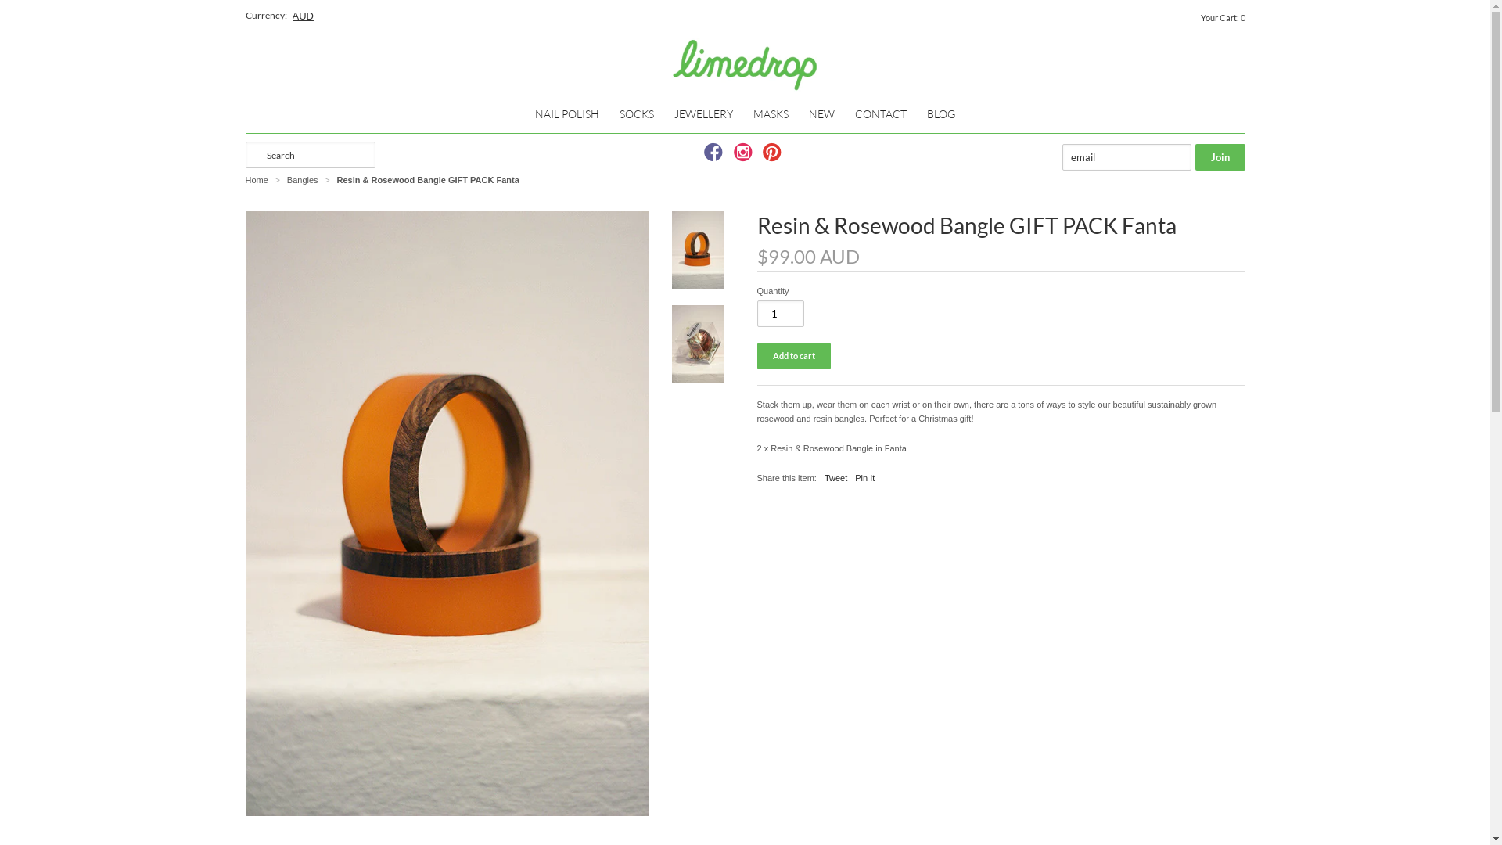 This screenshot has height=845, width=1502. What do you see at coordinates (664, 113) in the screenshot?
I see `'JEWELLERY'` at bounding box center [664, 113].